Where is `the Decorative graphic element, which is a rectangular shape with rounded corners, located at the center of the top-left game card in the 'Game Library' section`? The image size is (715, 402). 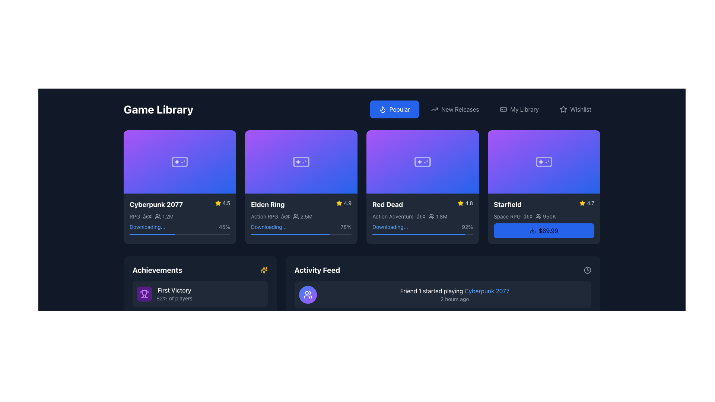
the Decorative graphic element, which is a rectangular shape with rounded corners, located at the center of the top-left game card in the 'Game Library' section is located at coordinates (180, 161).